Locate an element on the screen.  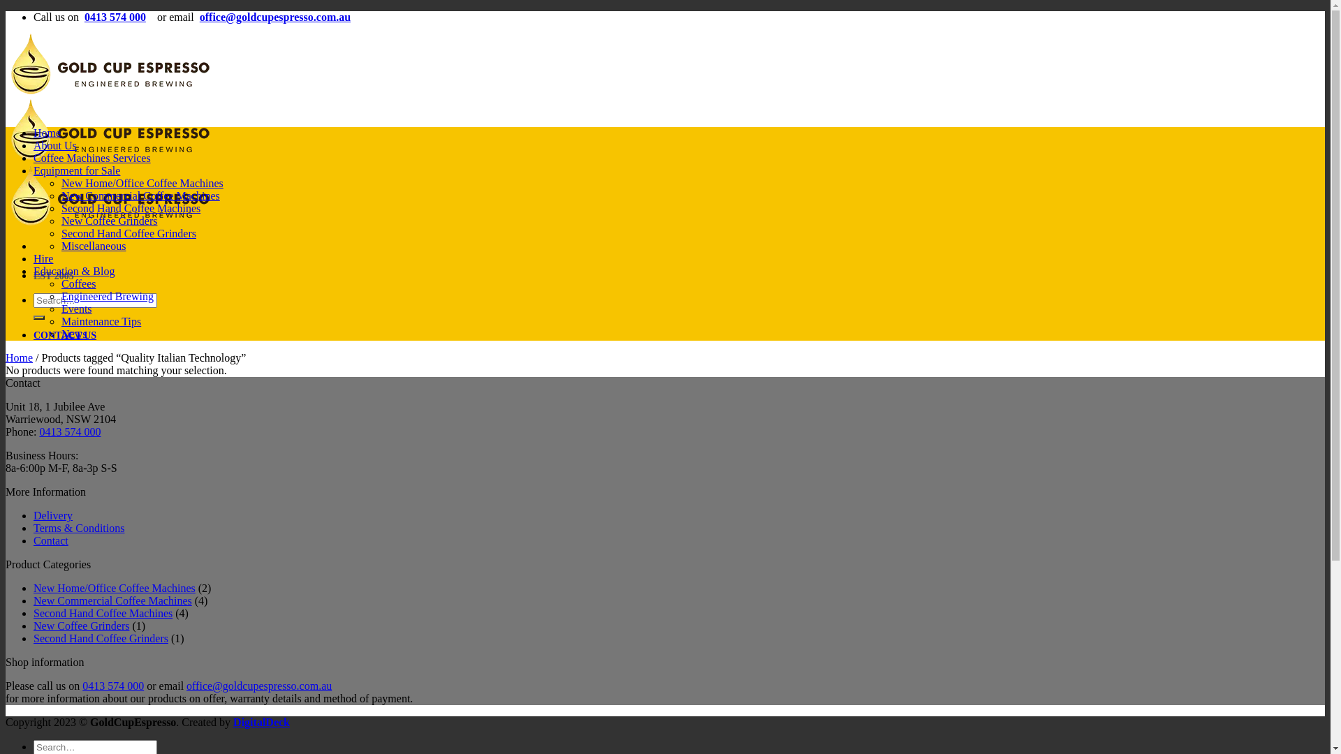
'CONTACT US' is located at coordinates (64, 335).